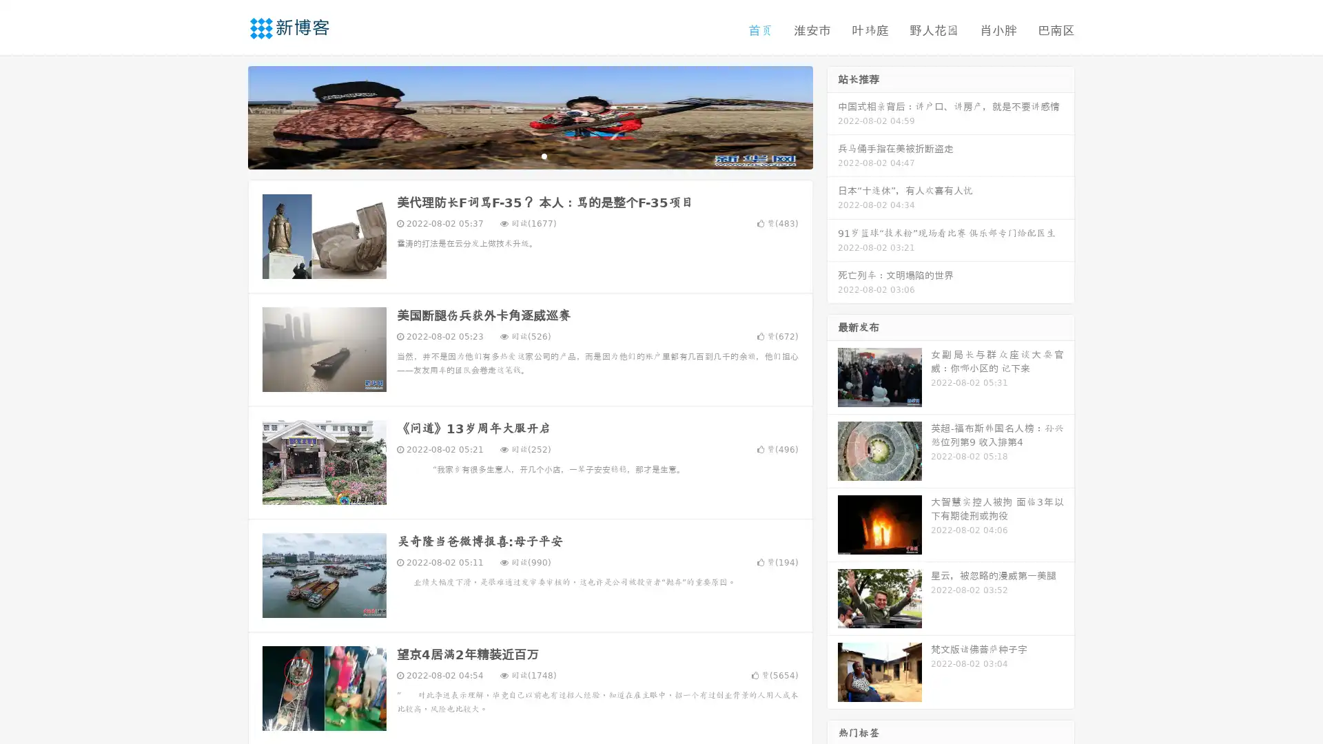 Image resolution: width=1323 pixels, height=744 pixels. I want to click on Next slide, so click(832, 116).